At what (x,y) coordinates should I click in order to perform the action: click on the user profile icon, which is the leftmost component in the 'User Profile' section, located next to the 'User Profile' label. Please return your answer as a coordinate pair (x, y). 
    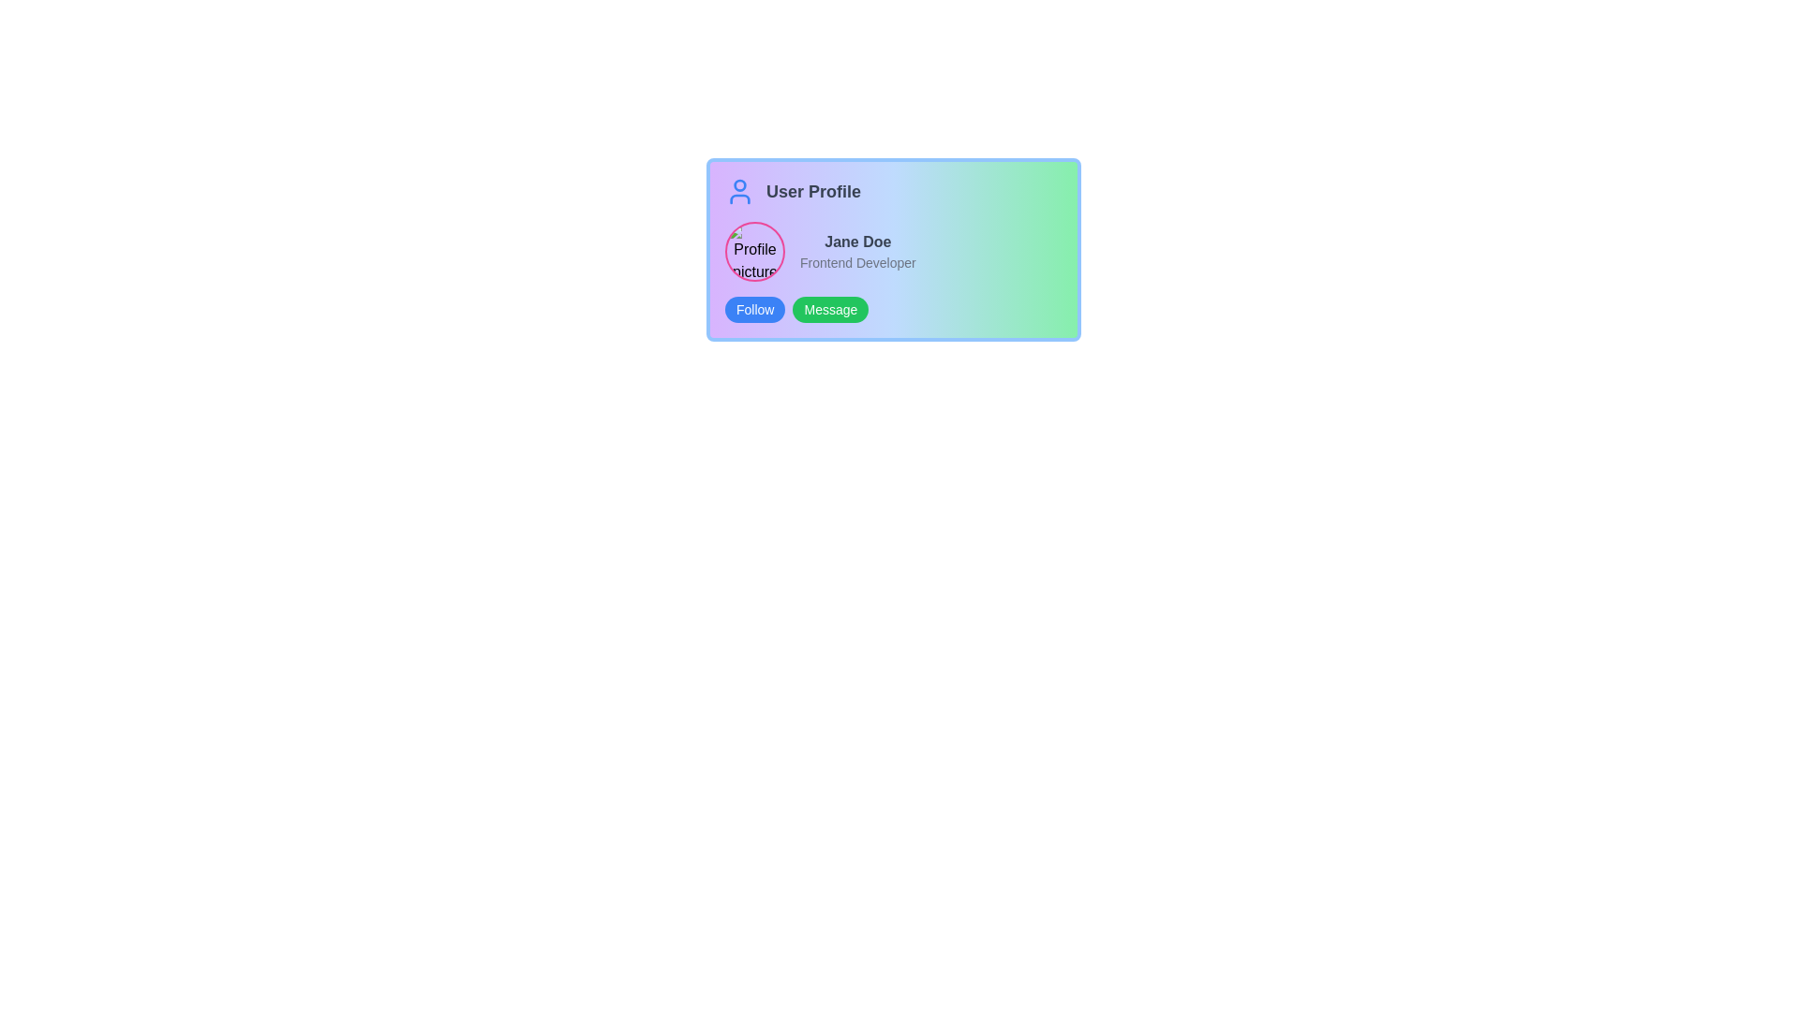
    Looking at the image, I should click on (739, 191).